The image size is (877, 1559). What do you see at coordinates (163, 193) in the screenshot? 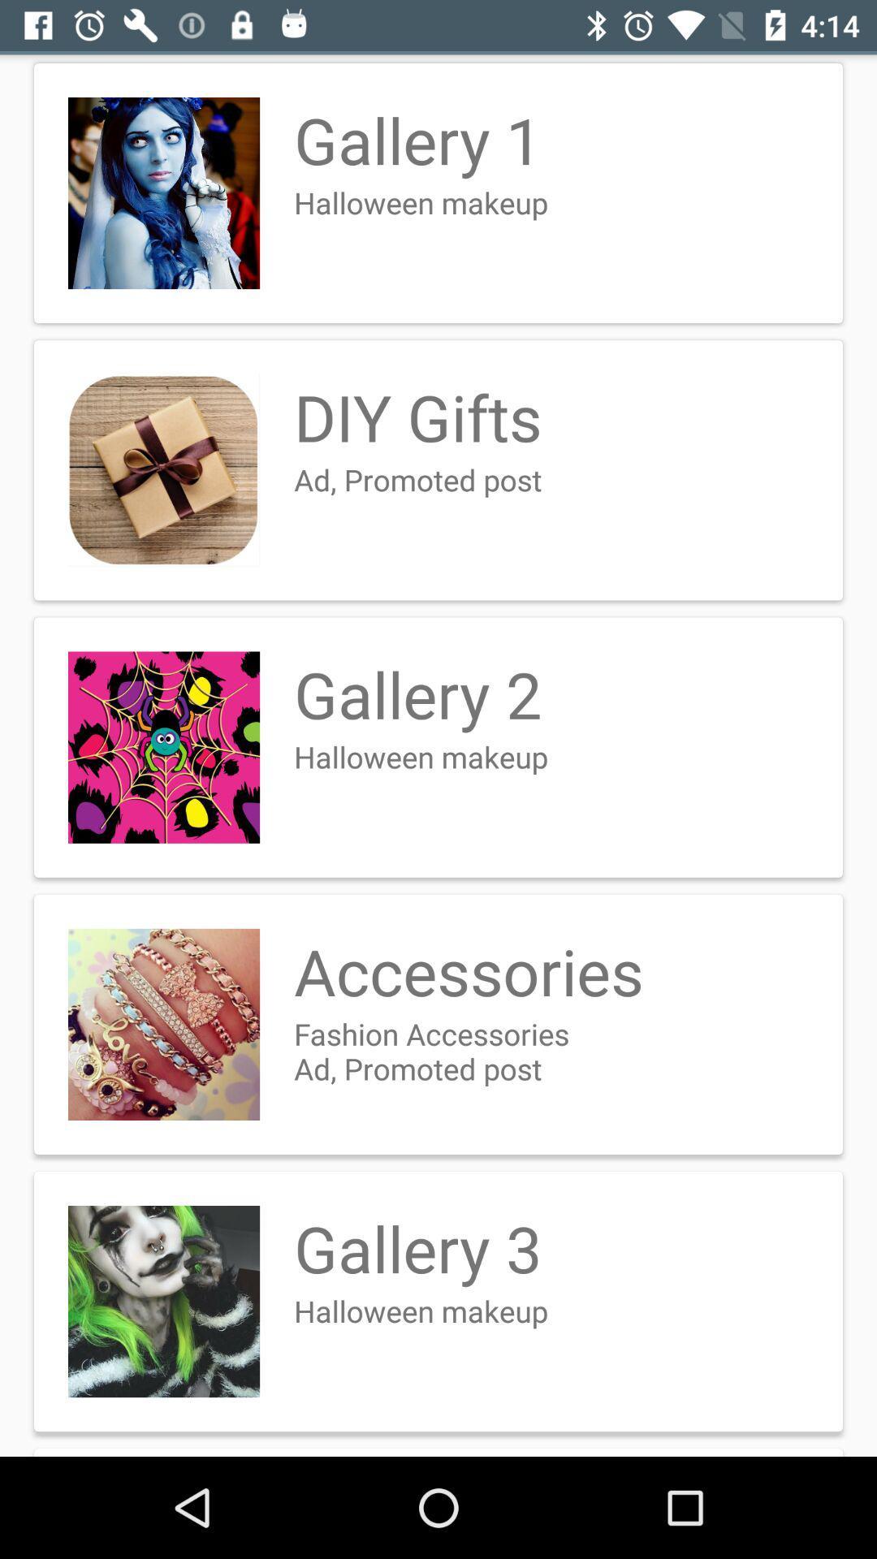
I see `the first image` at bounding box center [163, 193].